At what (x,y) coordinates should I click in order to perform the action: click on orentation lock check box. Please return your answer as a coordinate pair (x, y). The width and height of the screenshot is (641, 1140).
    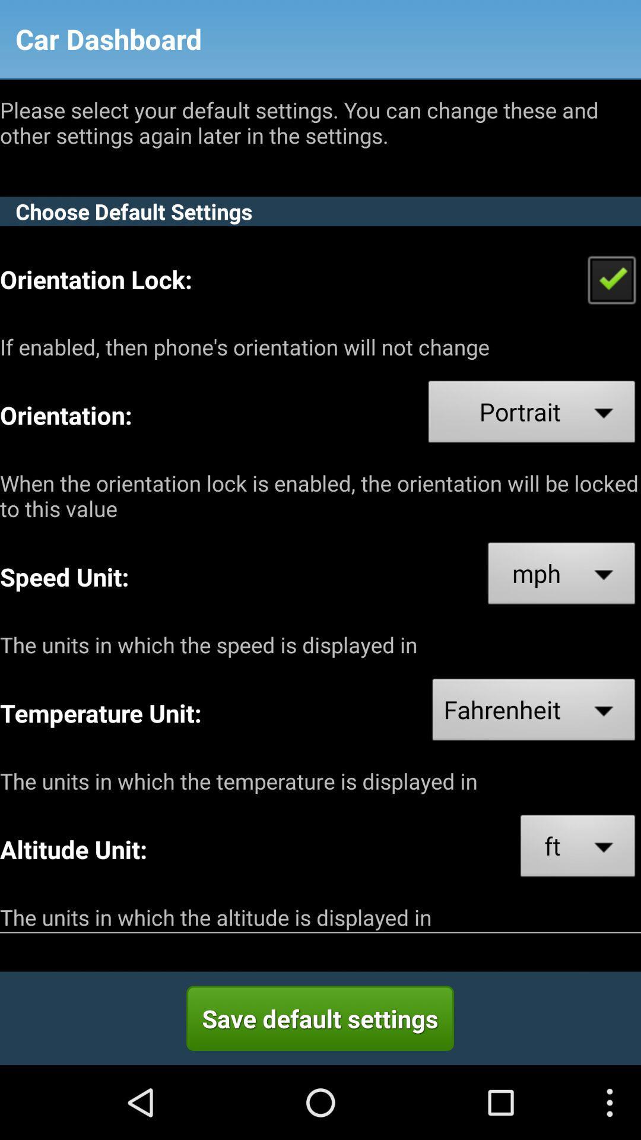
    Looking at the image, I should click on (611, 278).